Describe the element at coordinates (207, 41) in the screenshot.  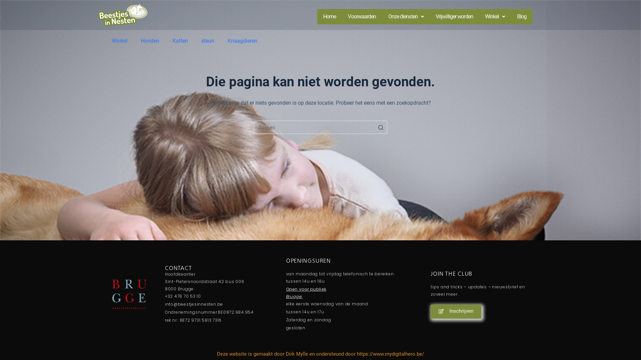
I see `'steun'` at that location.